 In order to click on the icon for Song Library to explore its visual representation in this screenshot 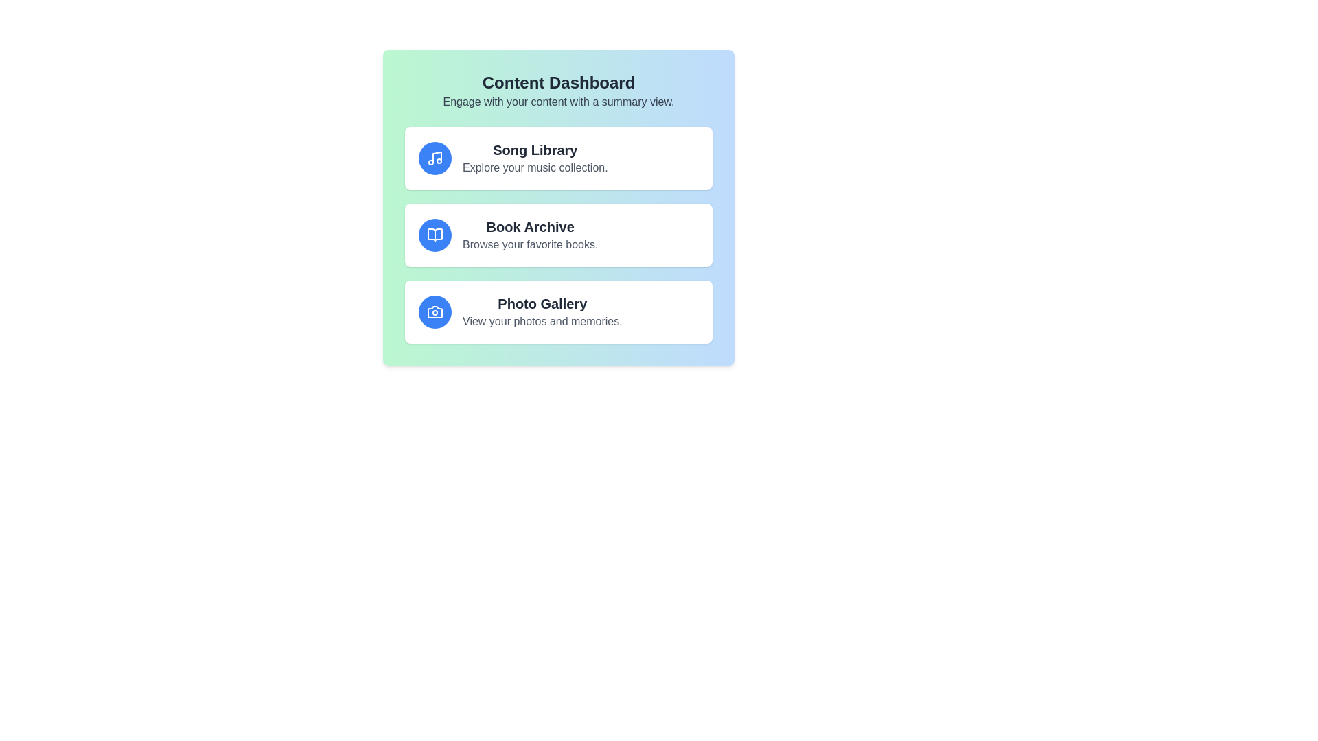, I will do `click(434, 158)`.